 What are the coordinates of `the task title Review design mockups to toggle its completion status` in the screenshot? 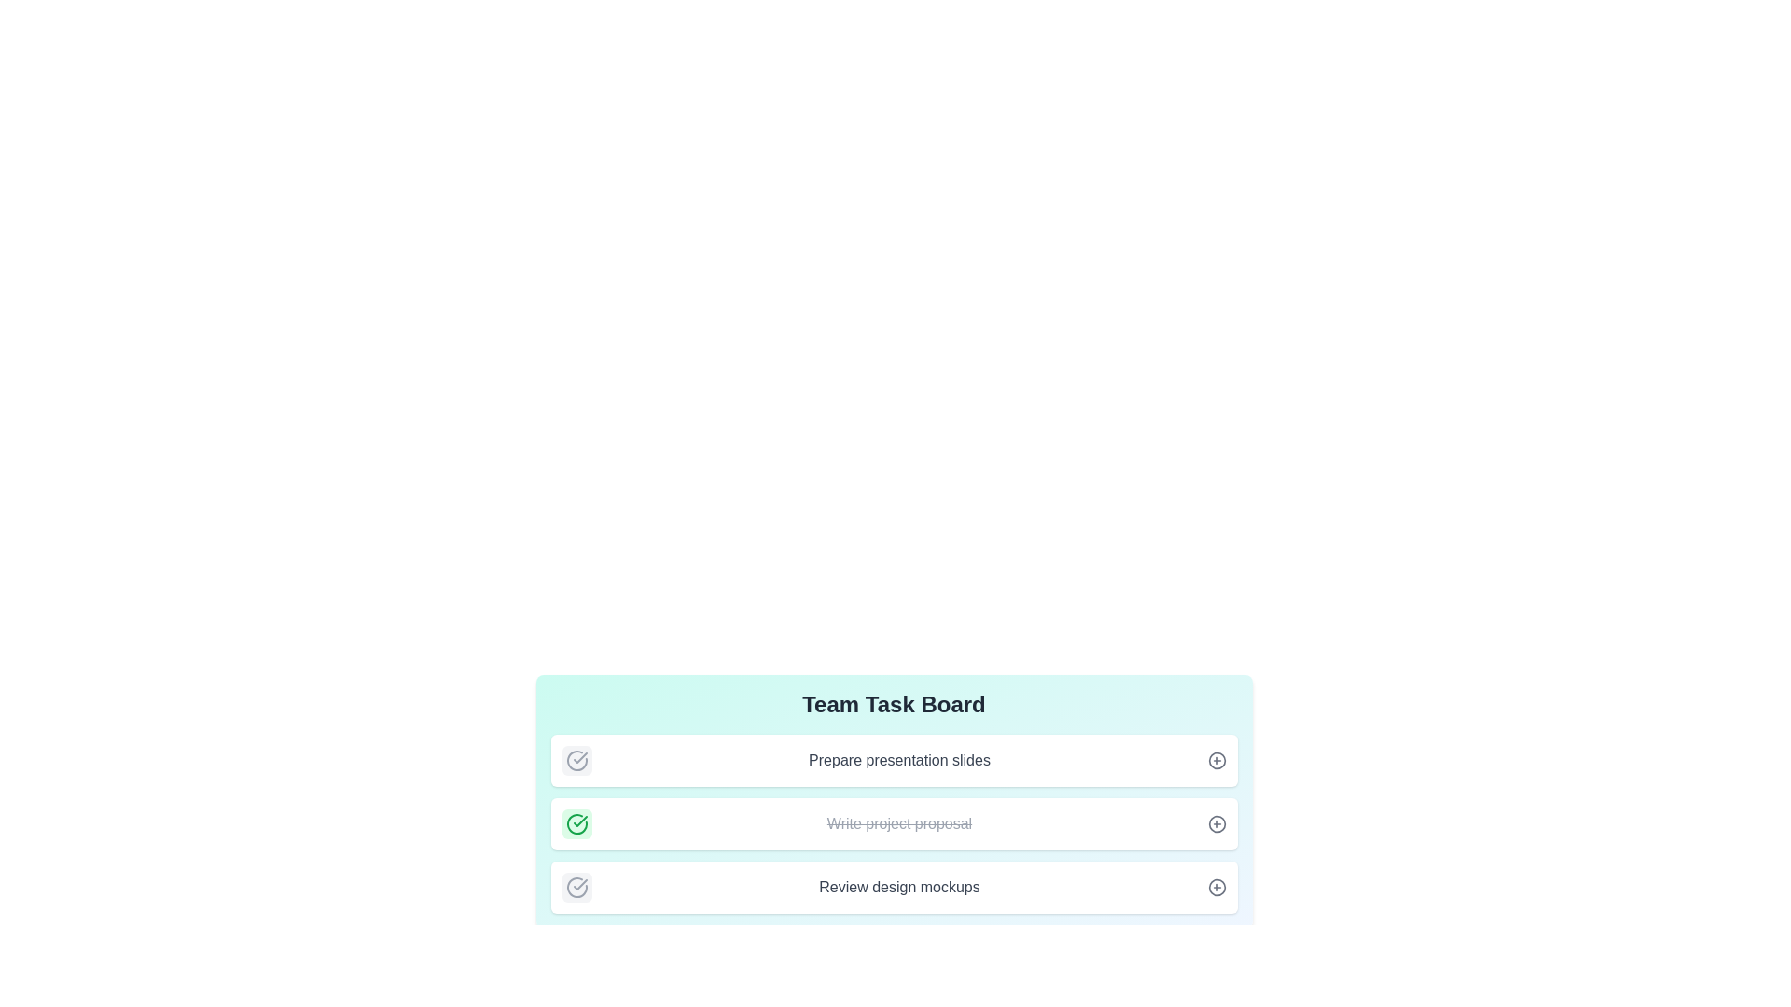 It's located at (576, 887).